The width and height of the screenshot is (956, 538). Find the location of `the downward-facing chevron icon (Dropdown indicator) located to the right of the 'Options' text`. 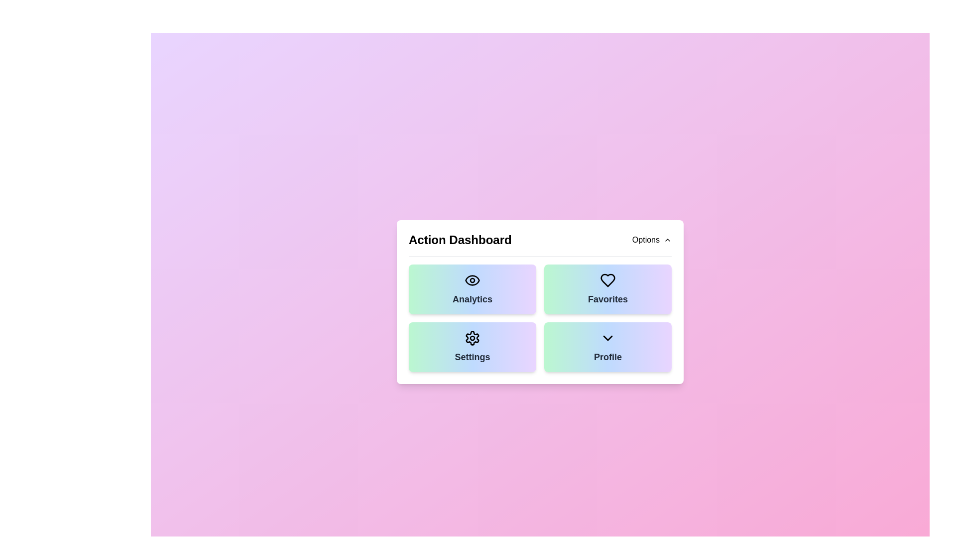

the downward-facing chevron icon (Dropdown indicator) located to the right of the 'Options' text is located at coordinates (667, 240).